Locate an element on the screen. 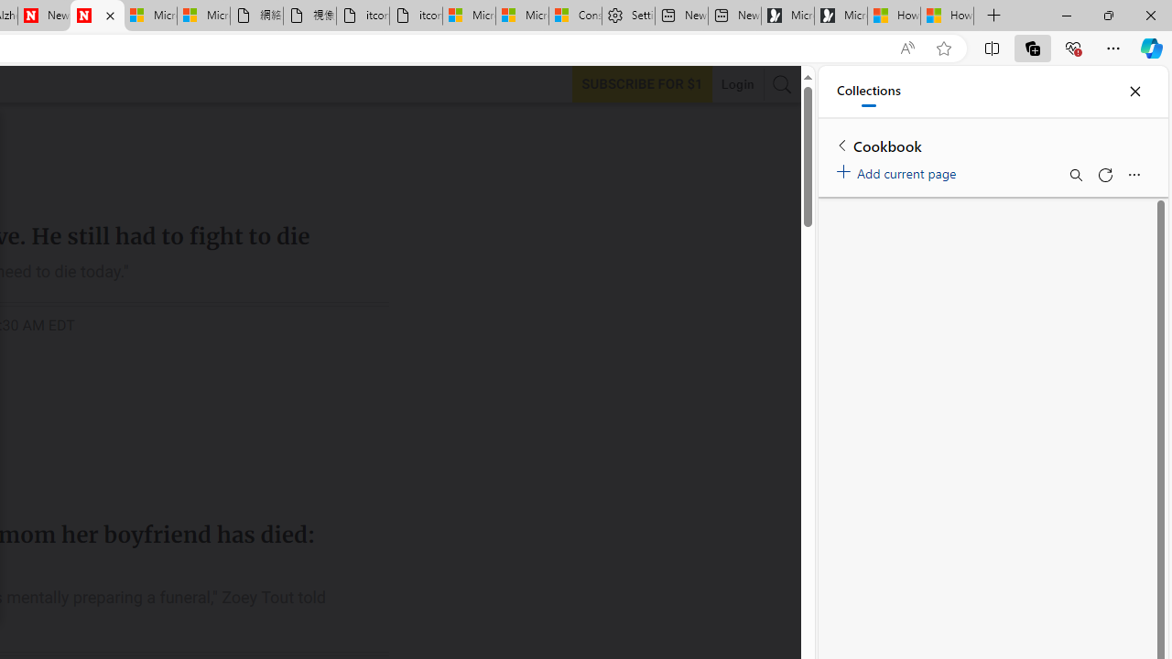  'Newsweek - News, Analysis, Politics, Business, Technology' is located at coordinates (44, 16).